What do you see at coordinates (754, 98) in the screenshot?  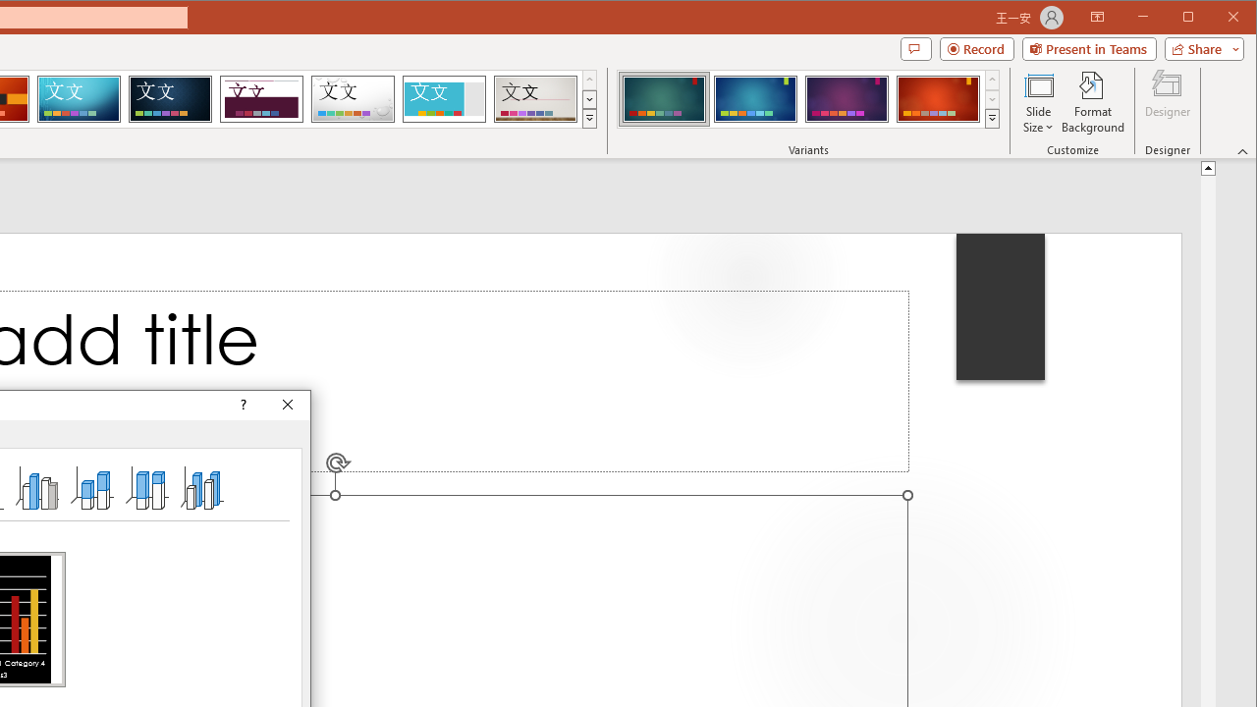 I see `'Ion Variant 2'` at bounding box center [754, 98].